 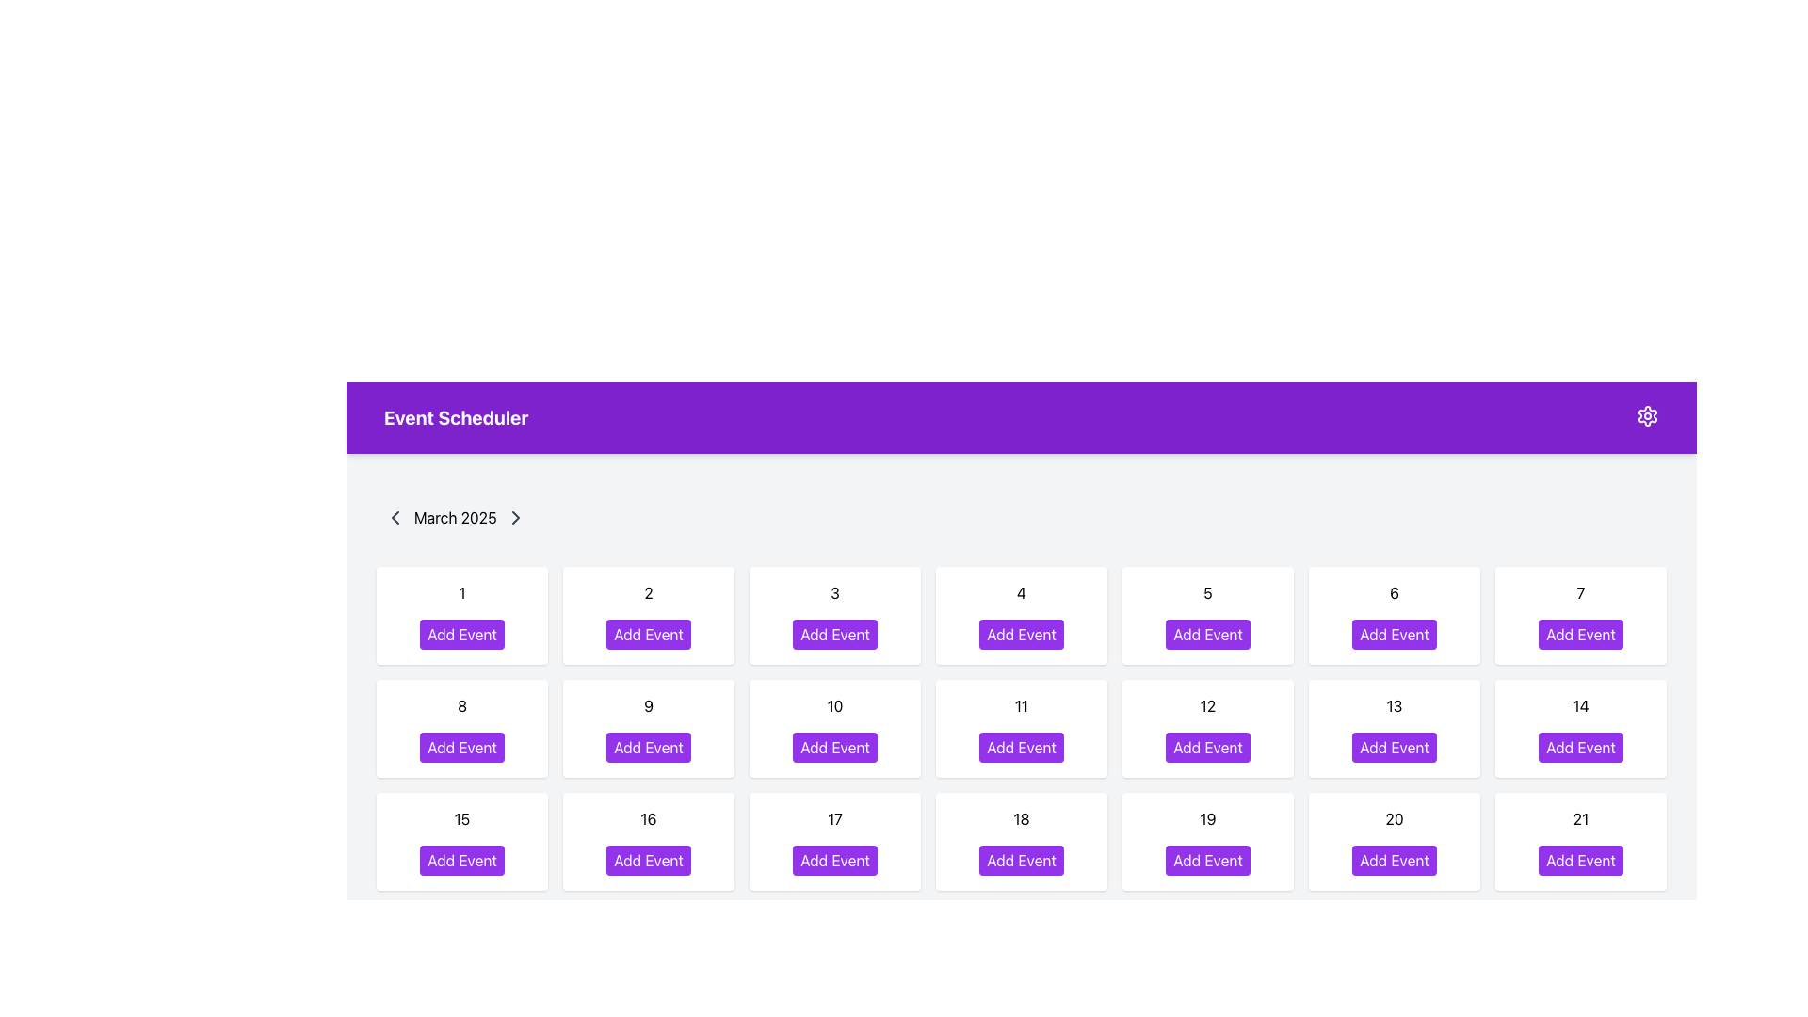 I want to click on the text label displaying 'March 2025' in the calendar interface, so click(x=455, y=518).